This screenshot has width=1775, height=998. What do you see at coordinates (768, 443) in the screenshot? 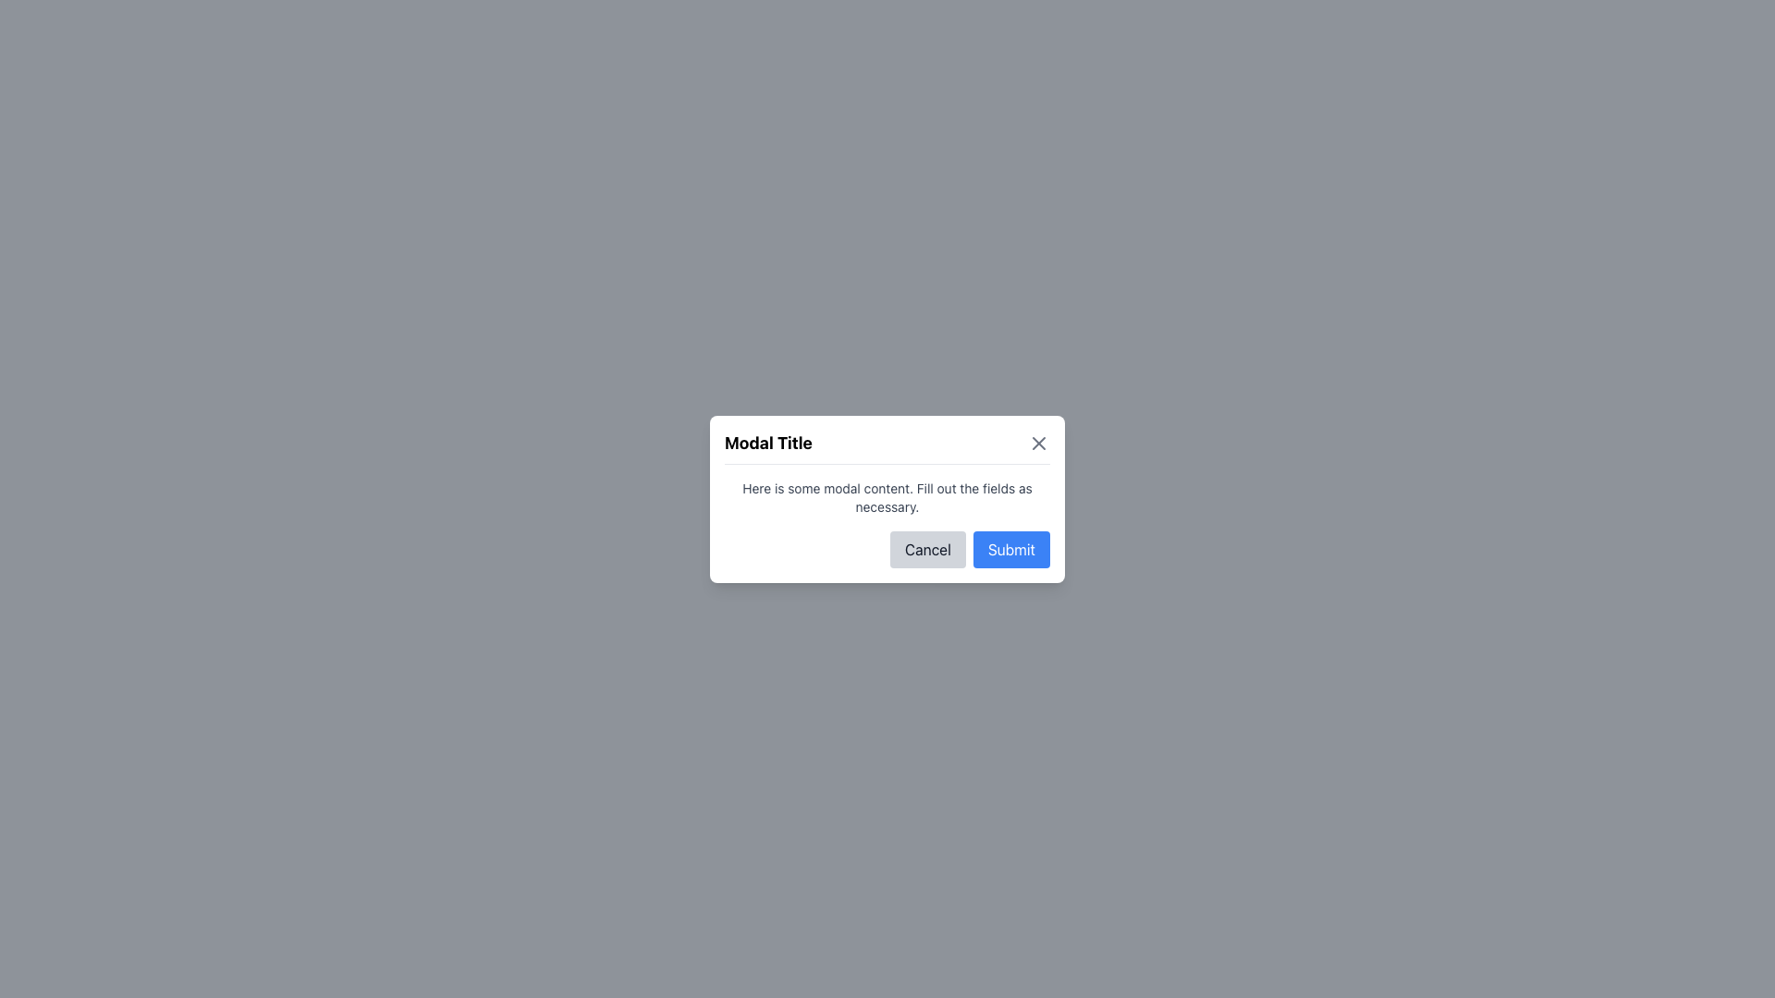
I see `the bolded and large-sized text displaying 'Modal Title' located in the header section of the modal window, positioned at the top-left corner before the close button` at bounding box center [768, 443].